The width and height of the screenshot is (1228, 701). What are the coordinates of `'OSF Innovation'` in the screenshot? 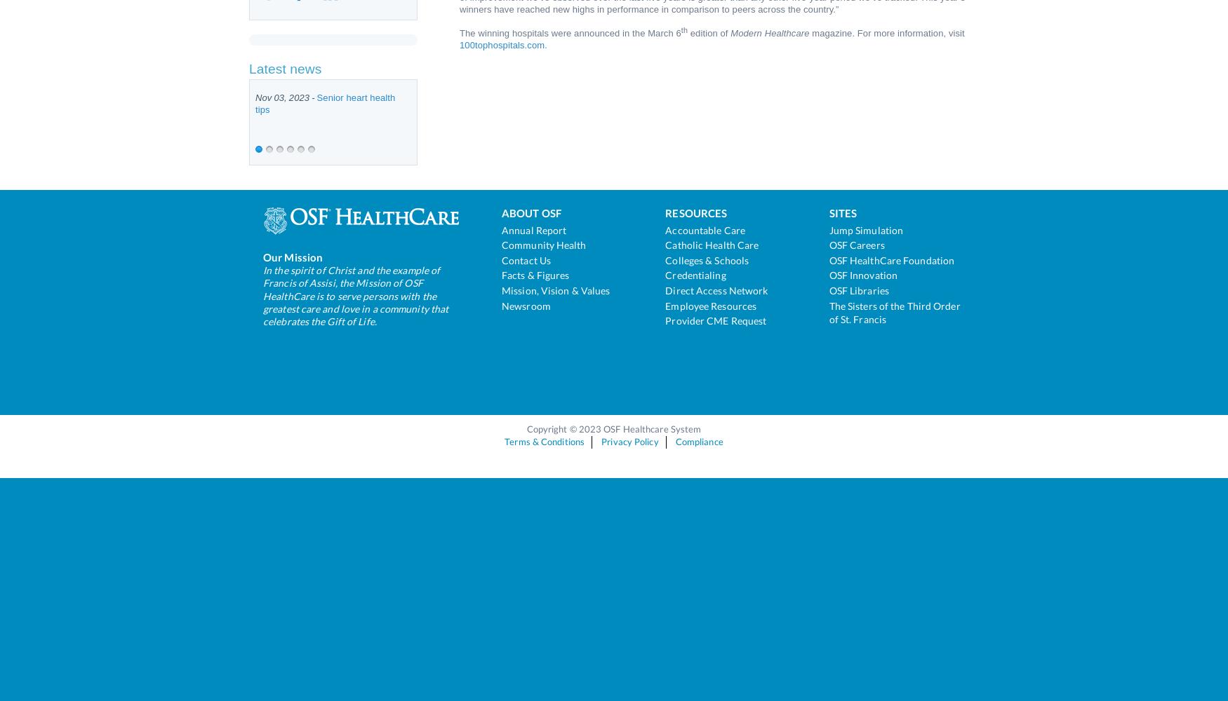 It's located at (828, 275).